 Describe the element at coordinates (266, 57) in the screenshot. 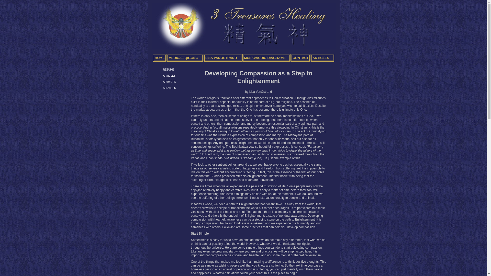

I see `'MUSIC/AUDIO DIAGRAMS'` at that location.